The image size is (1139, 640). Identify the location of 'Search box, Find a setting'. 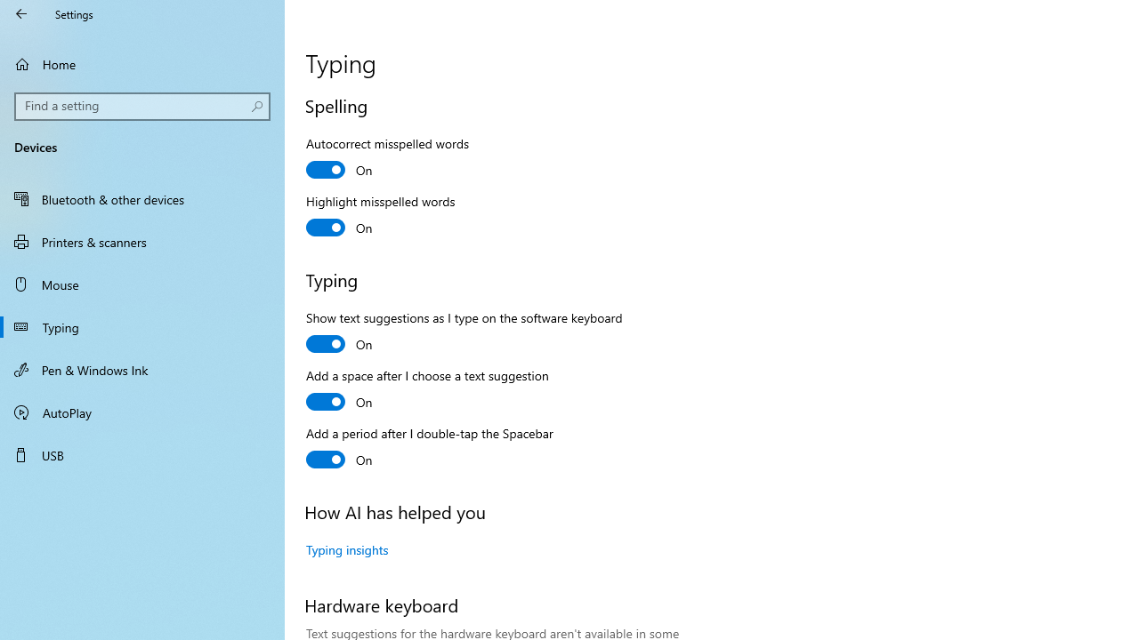
(142, 106).